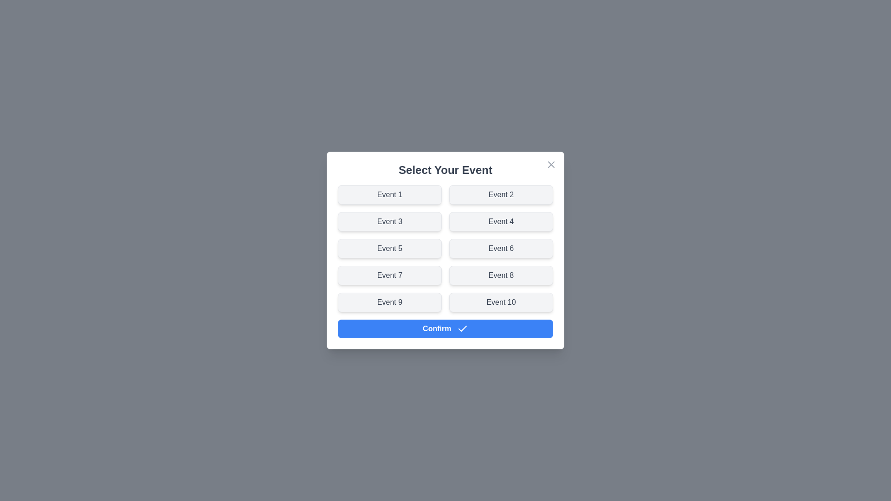  I want to click on the 'Confirm' button to confirm the selection, so click(445, 328).